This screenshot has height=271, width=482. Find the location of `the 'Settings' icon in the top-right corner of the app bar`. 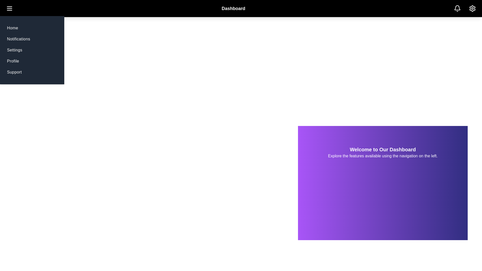

the 'Settings' icon in the top-right corner of the app bar is located at coordinates (472, 9).